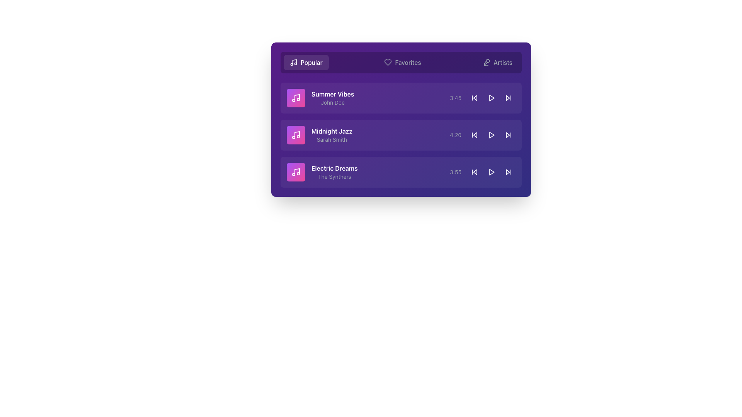 This screenshot has width=742, height=417. Describe the element at coordinates (296, 98) in the screenshot. I see `the music-related icon, which is the first in the list of song entries on the leftmost section of the interface` at that location.